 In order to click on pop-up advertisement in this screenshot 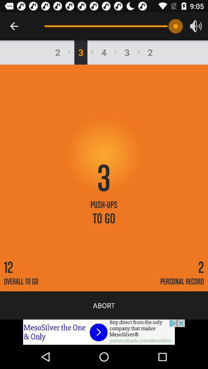, I will do `click(104, 332)`.